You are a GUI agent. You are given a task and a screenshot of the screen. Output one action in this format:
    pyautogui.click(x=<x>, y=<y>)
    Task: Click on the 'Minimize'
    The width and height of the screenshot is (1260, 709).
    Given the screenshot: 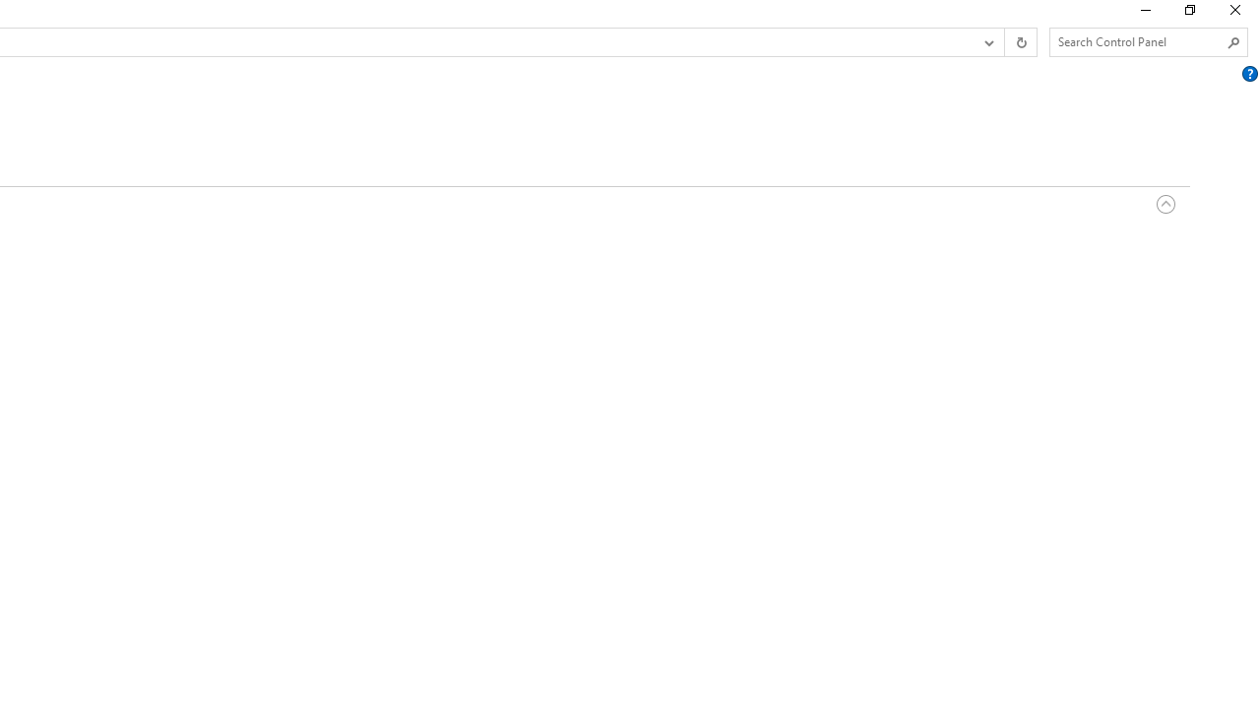 What is the action you would take?
    pyautogui.click(x=1144, y=15)
    